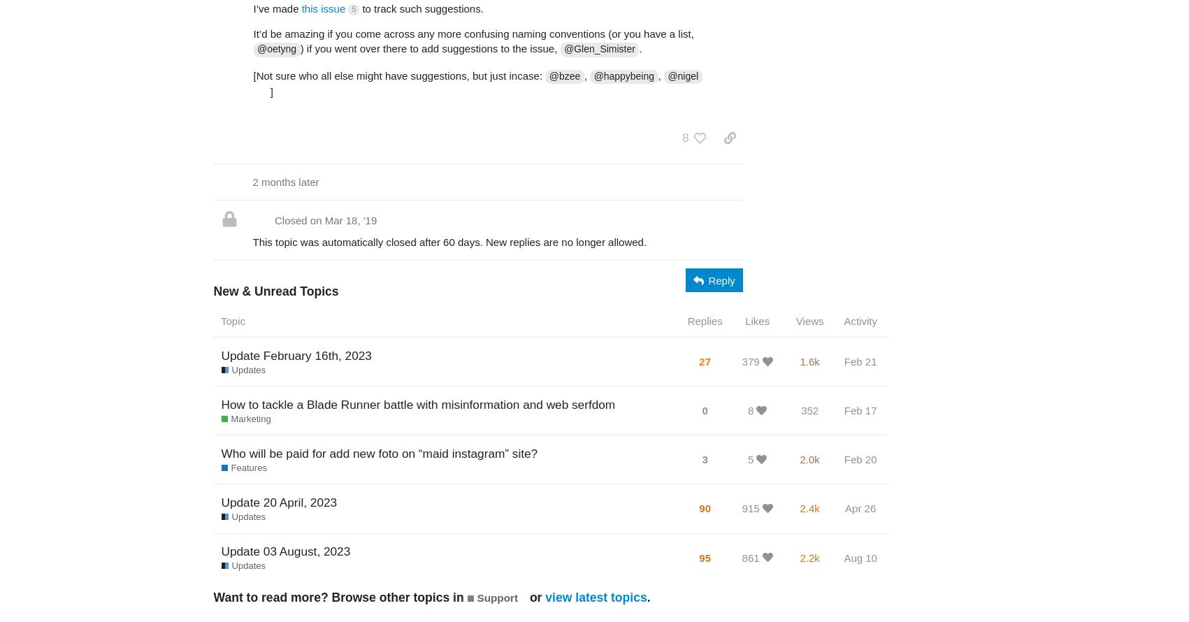 This screenshot has height=622, width=1189. What do you see at coordinates (291, 219) in the screenshot?
I see `'Closed'` at bounding box center [291, 219].